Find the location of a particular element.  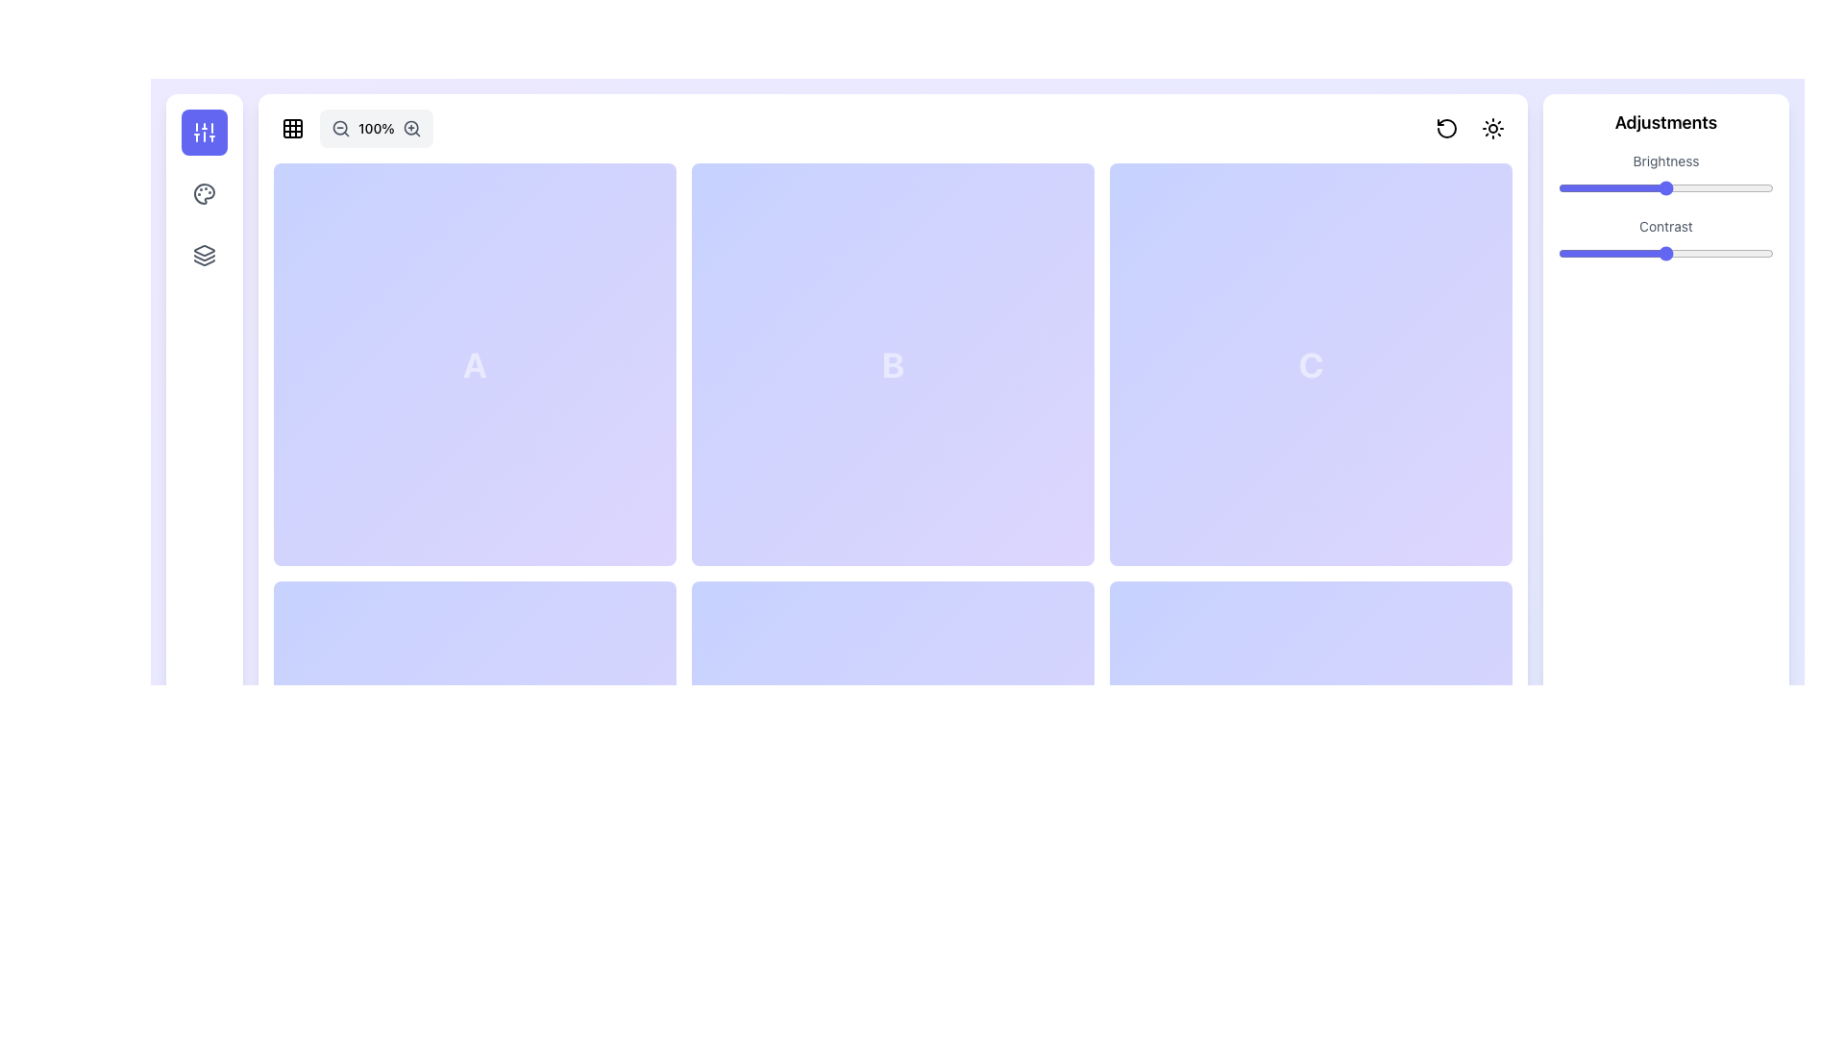

contrast is located at coordinates (1741, 252).